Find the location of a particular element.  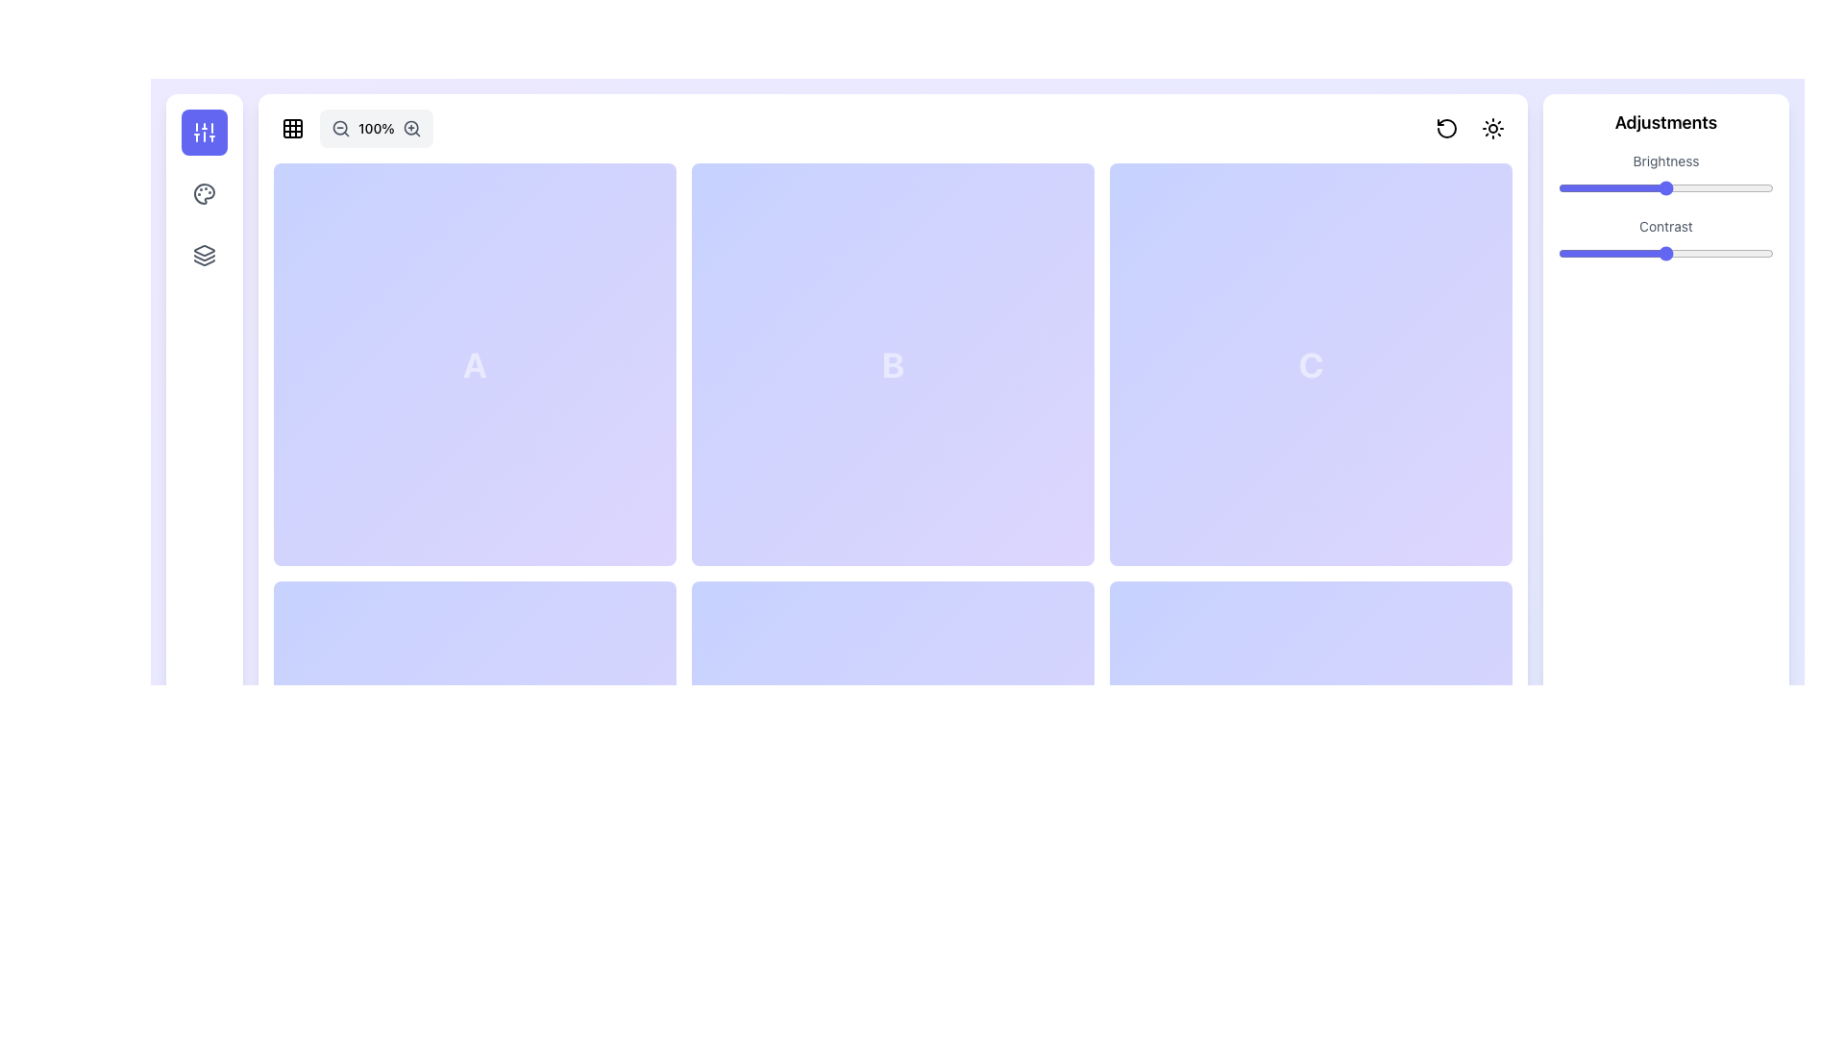

contrast is located at coordinates (1741, 252).